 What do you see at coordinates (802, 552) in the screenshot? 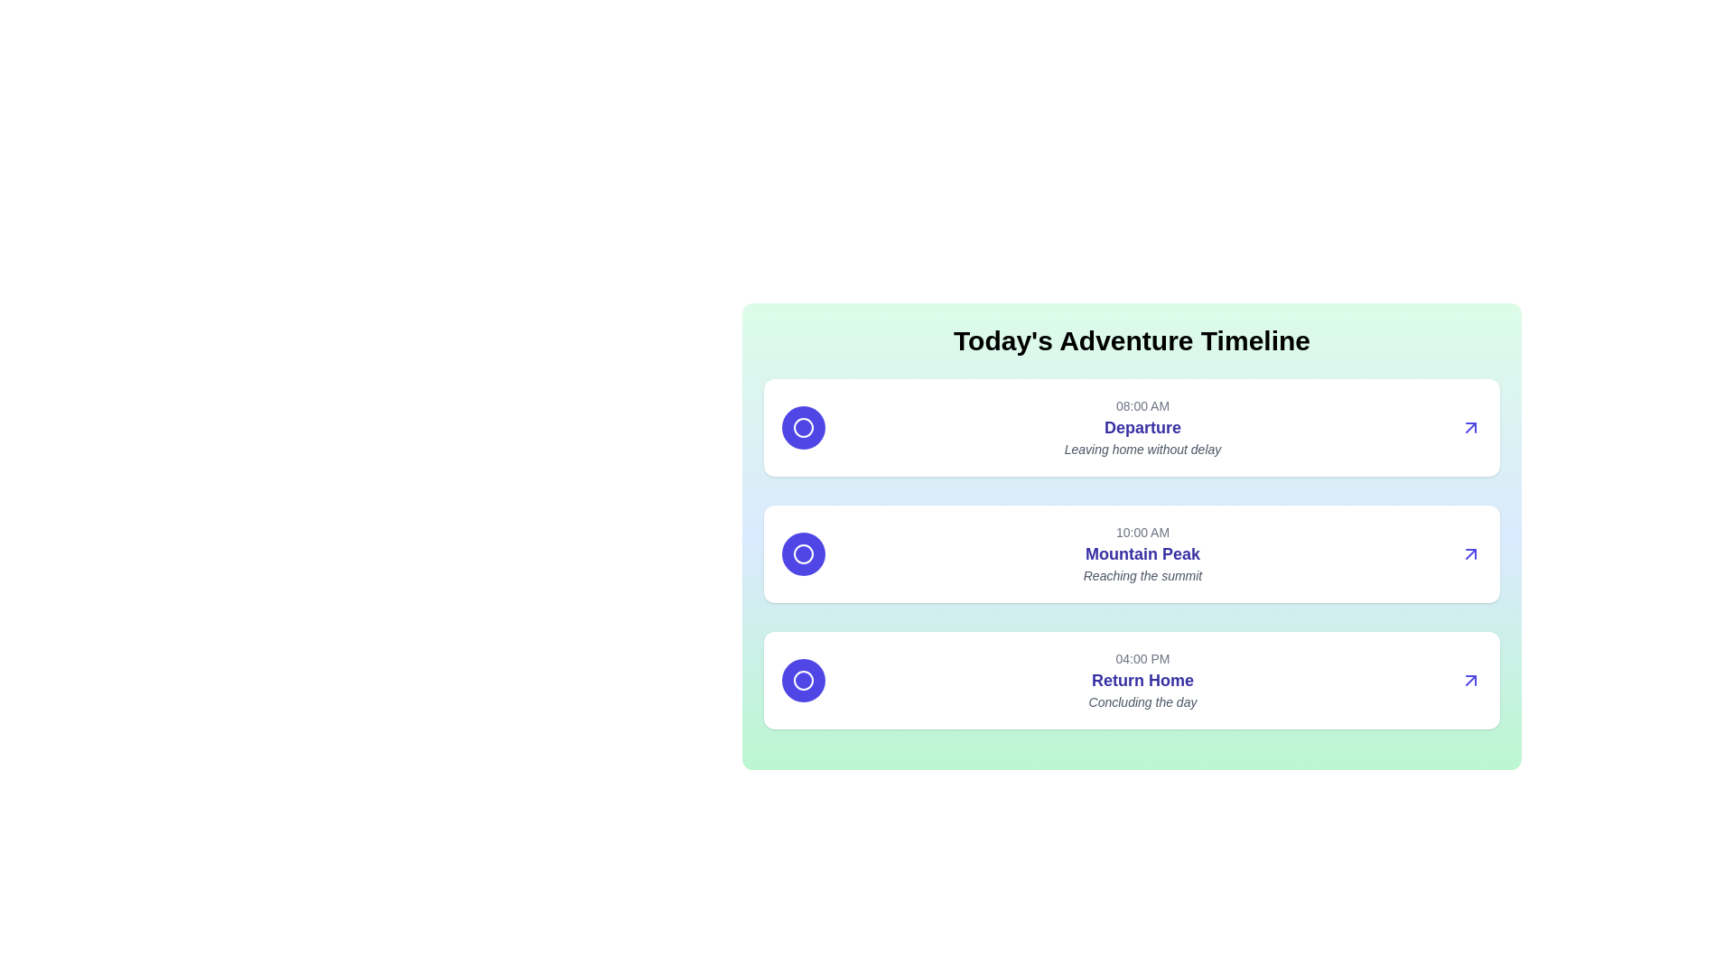
I see `the second circular icon labeled 'Mountain Peak' in the vertically arranged list of timeline items` at bounding box center [802, 552].